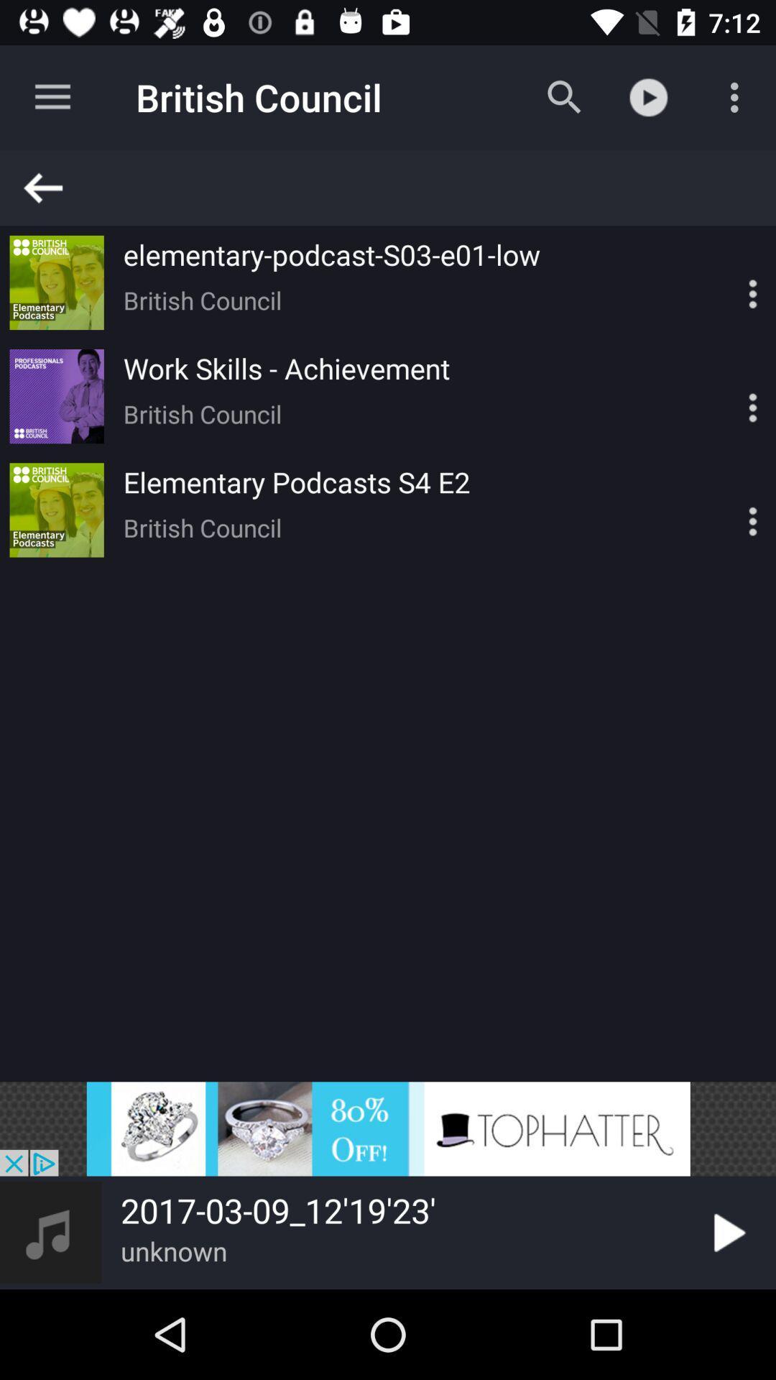 This screenshot has height=1380, width=776. What do you see at coordinates (726, 1232) in the screenshot?
I see `the play icon` at bounding box center [726, 1232].